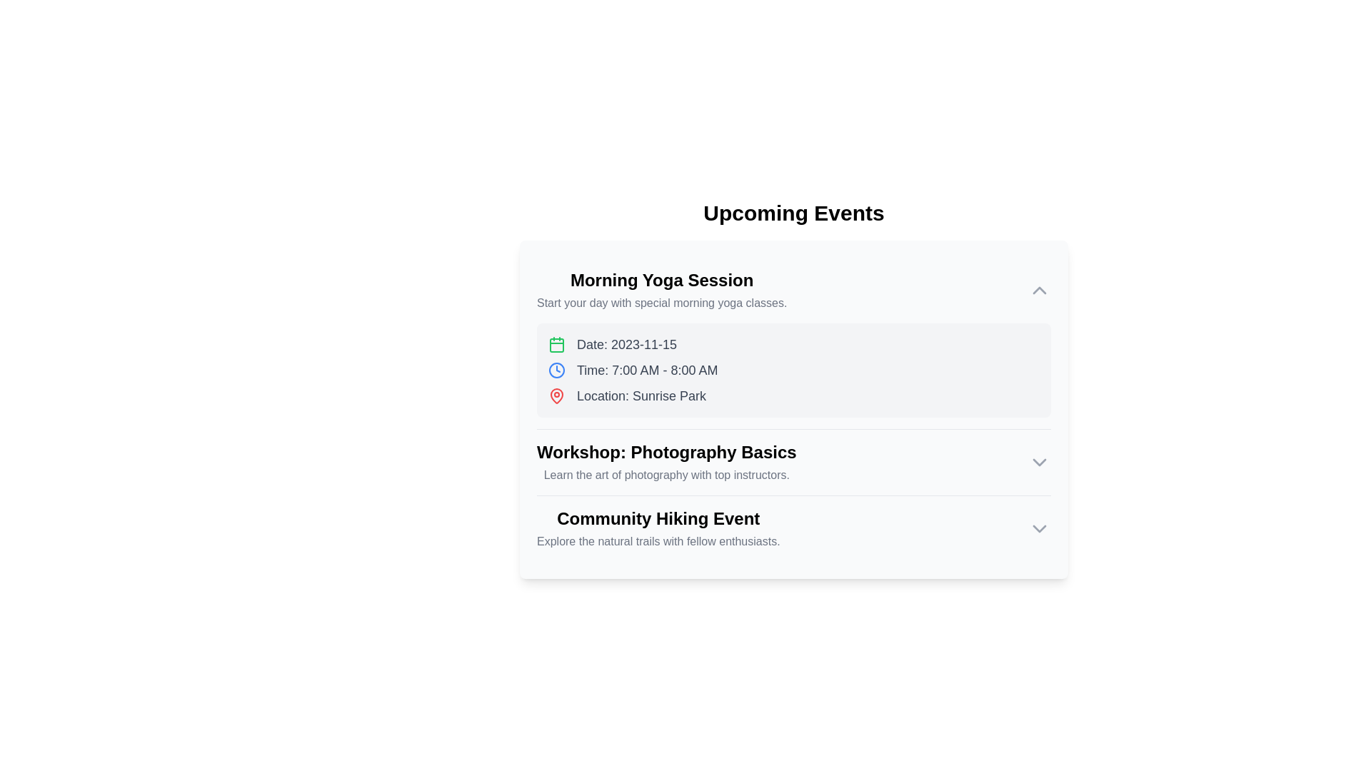  I want to click on information displayed in the textual label showing the time 'Time: 7:00 AM - 8:00 AM', which is gray-colored and aligned to the right of a blue clock icon, so click(646, 370).